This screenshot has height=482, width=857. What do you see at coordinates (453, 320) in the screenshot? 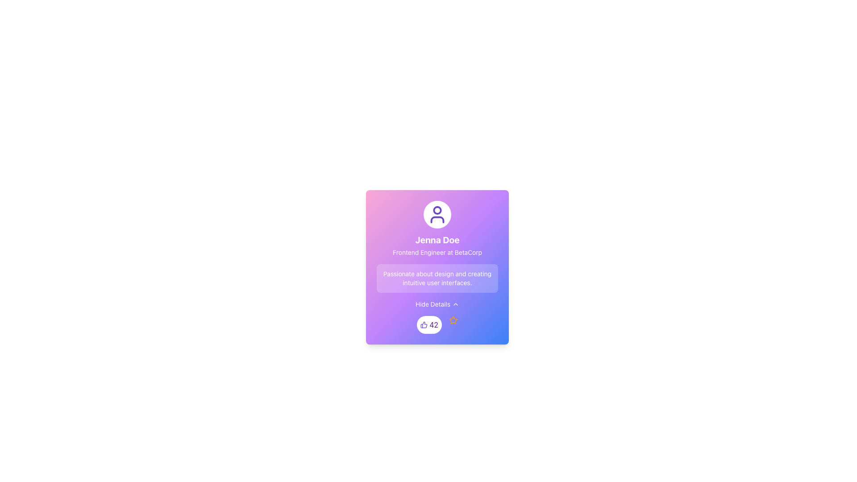
I see `the star icon located at the bottom right of the card interface` at bounding box center [453, 320].